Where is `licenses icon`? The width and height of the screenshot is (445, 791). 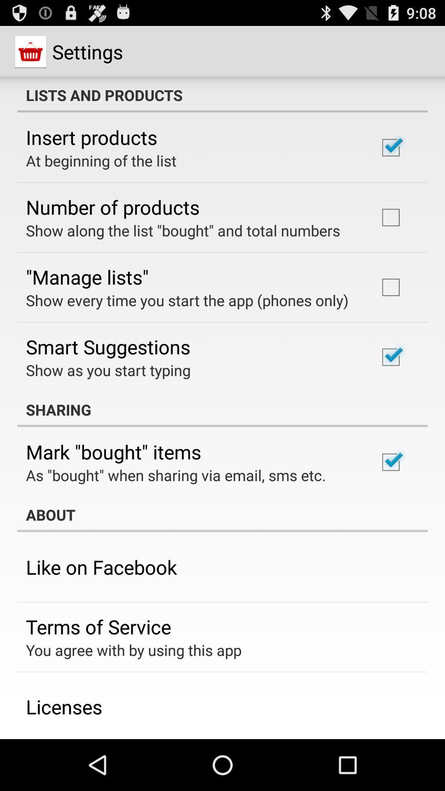
licenses icon is located at coordinates (63, 706).